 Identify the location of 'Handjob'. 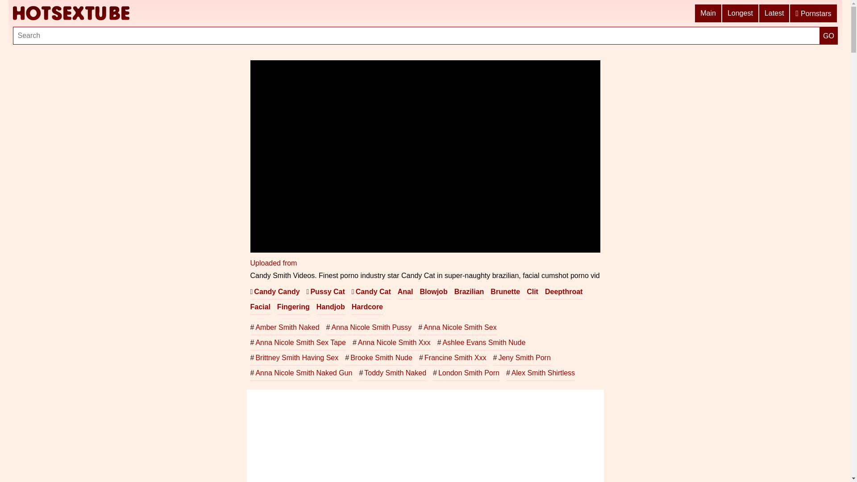
(316, 306).